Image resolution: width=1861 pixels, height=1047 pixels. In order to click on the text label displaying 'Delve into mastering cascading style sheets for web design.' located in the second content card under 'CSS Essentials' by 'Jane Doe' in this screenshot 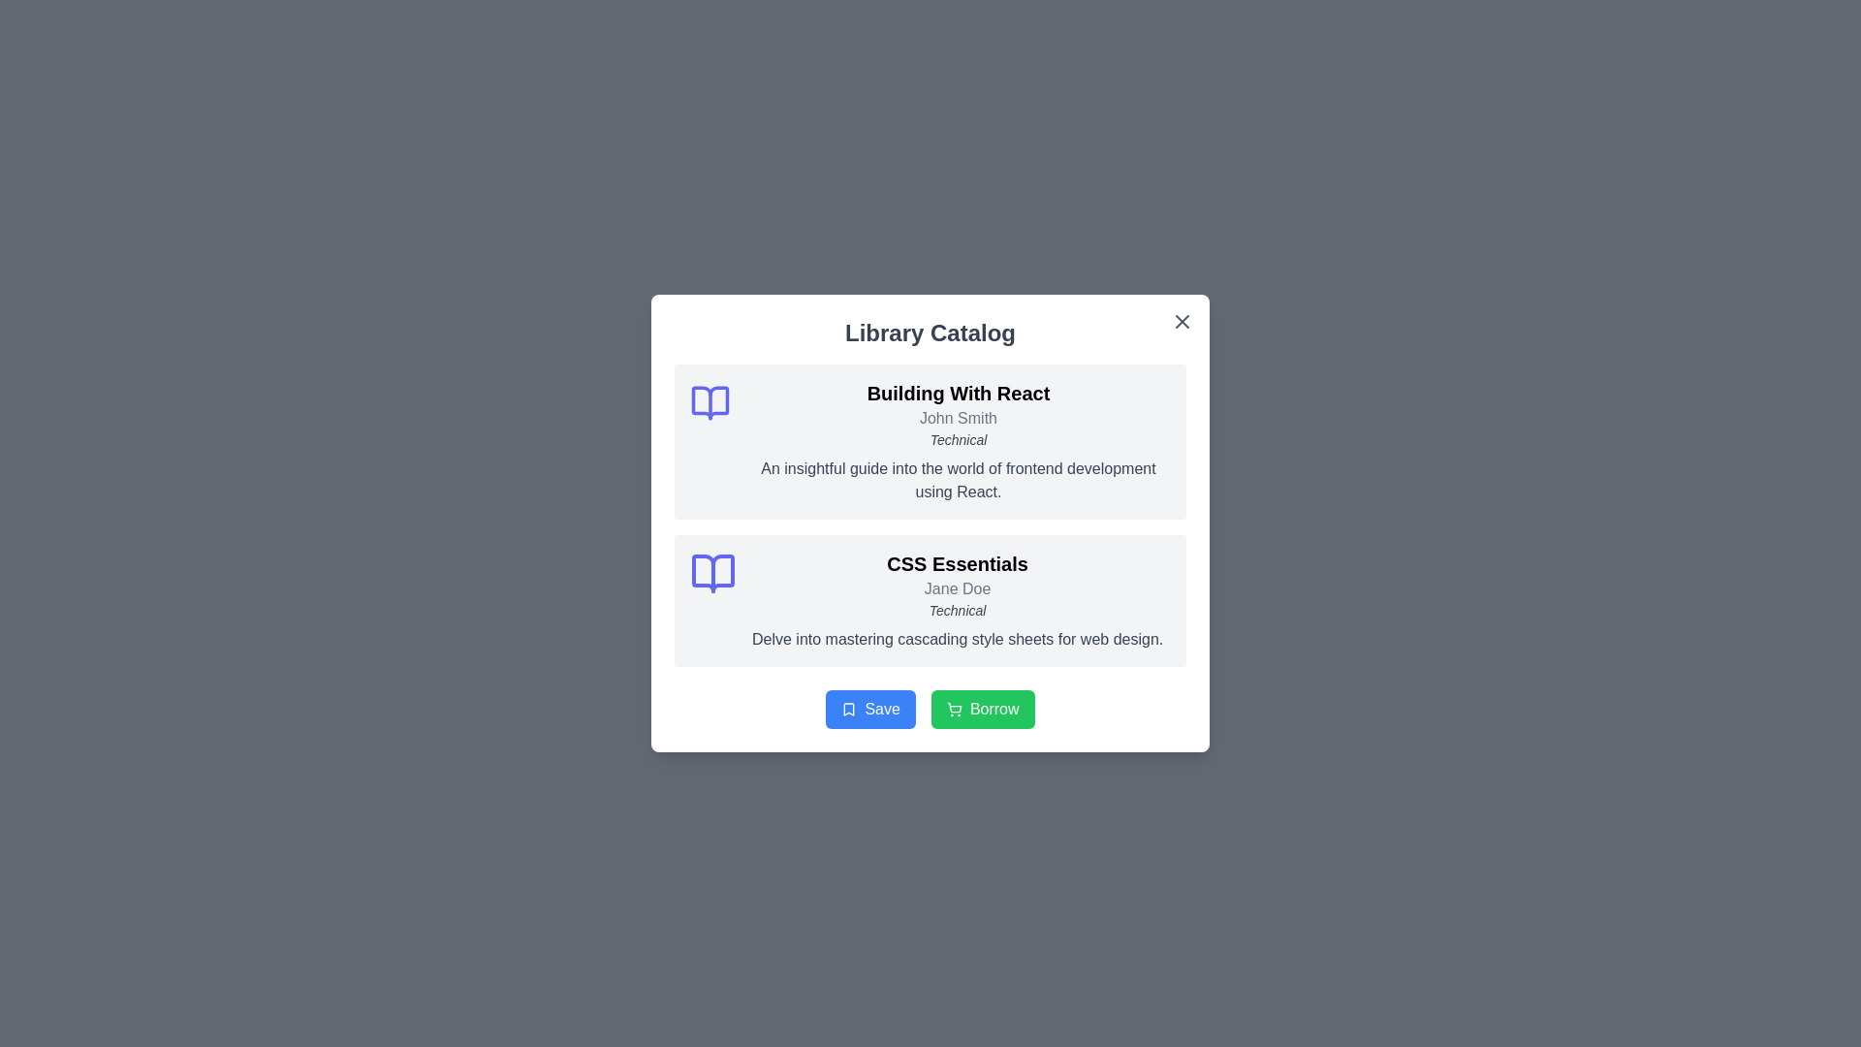, I will do `click(958, 639)`.